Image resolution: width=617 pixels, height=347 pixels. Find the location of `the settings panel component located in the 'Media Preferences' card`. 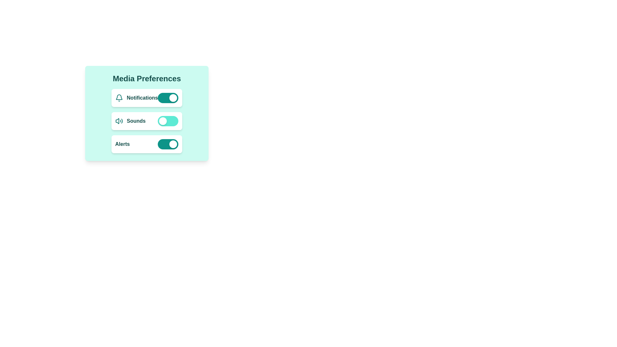

the settings panel component located in the 'Media Preferences' card is located at coordinates (146, 121).